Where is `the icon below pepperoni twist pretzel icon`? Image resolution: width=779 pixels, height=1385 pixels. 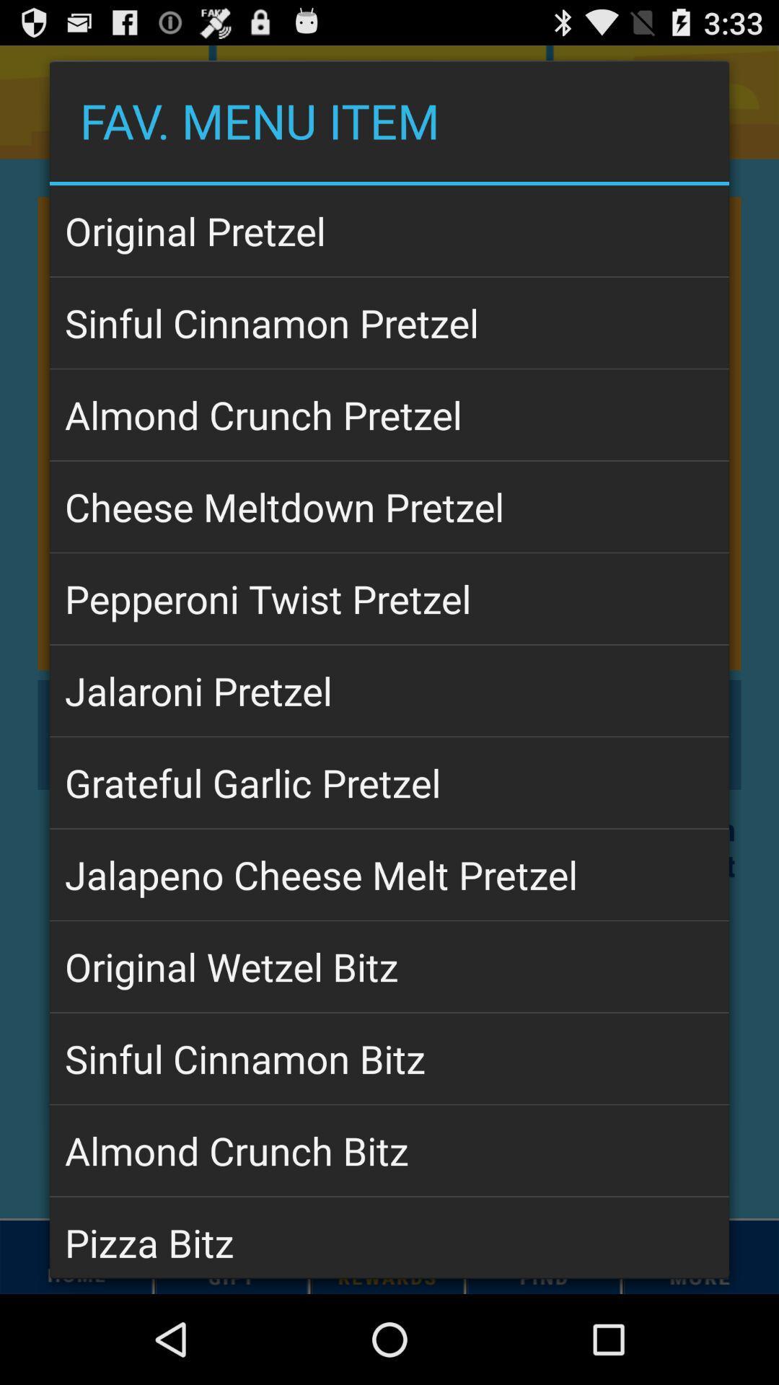
the icon below pepperoni twist pretzel icon is located at coordinates (389, 690).